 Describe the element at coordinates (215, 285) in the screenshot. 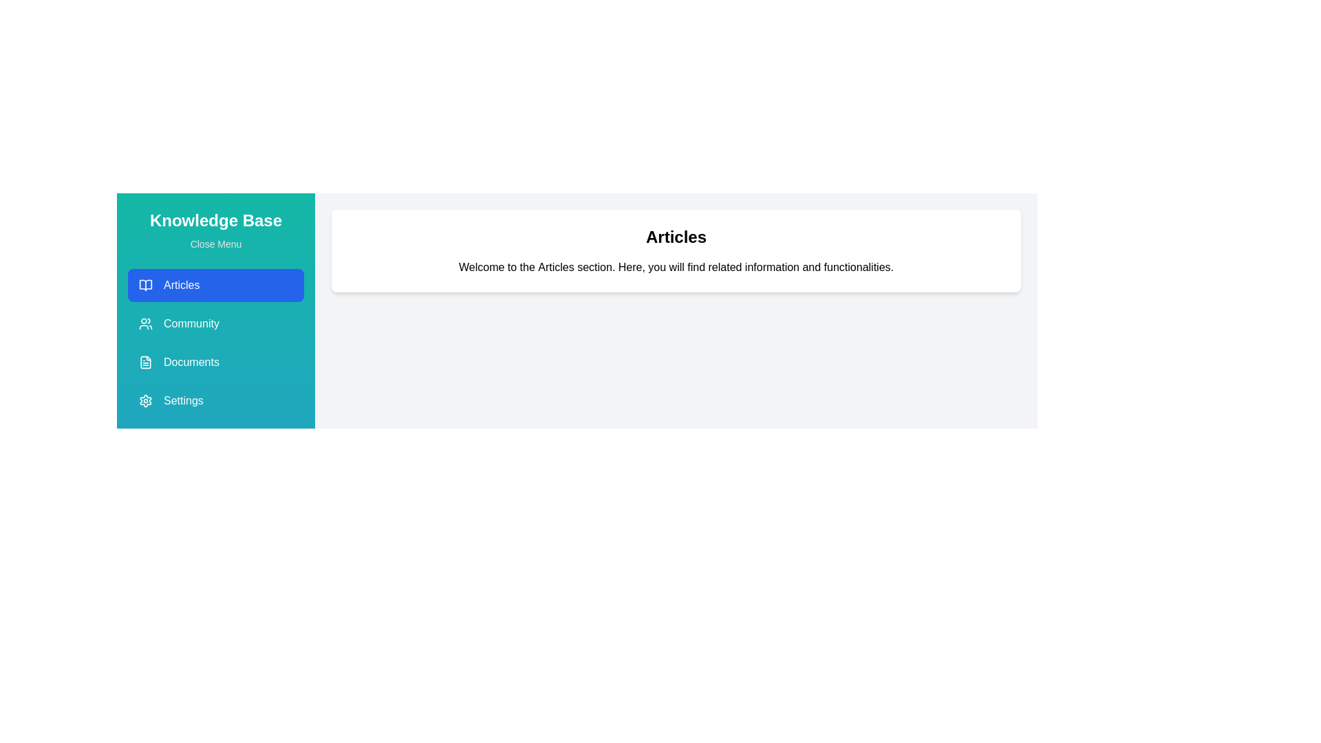

I see `the menu section Articles` at that location.